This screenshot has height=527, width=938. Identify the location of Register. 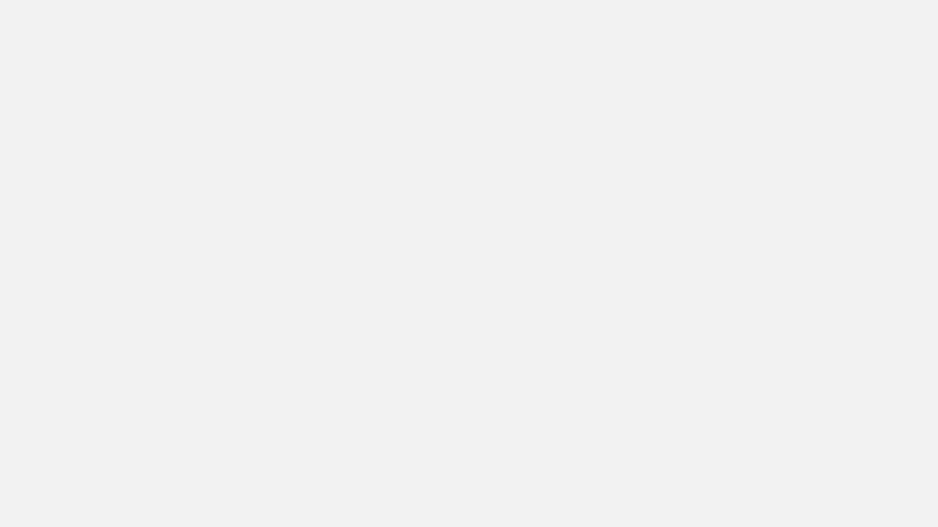
(860, 13).